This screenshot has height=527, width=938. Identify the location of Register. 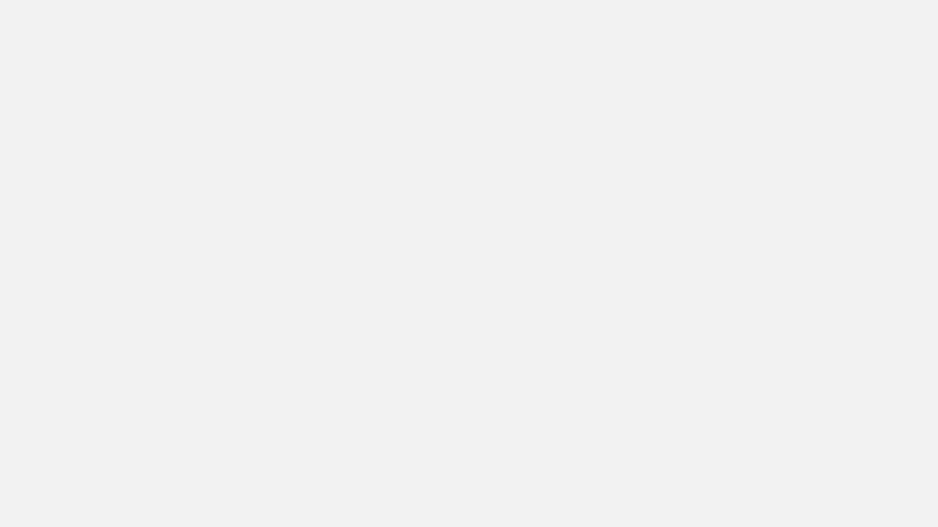
(860, 13).